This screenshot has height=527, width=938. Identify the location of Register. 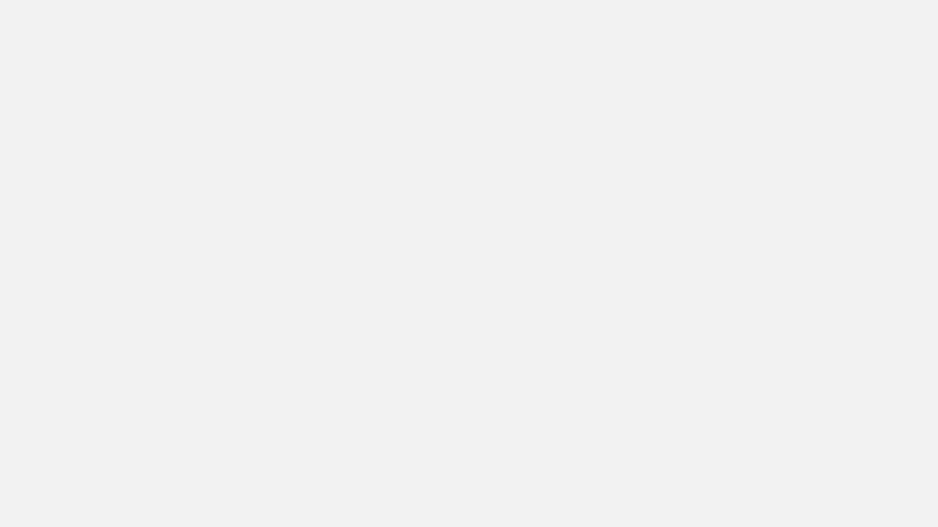
(860, 13).